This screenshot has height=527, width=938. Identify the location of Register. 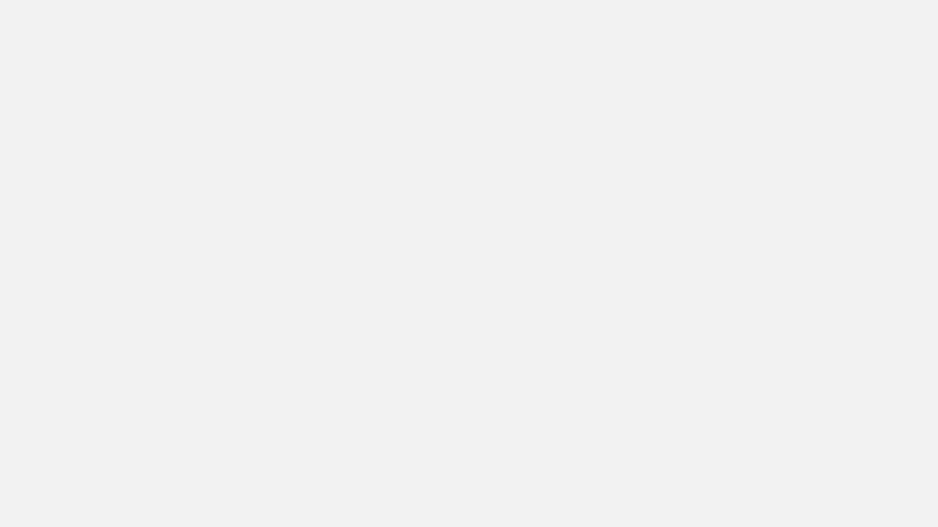
(860, 13).